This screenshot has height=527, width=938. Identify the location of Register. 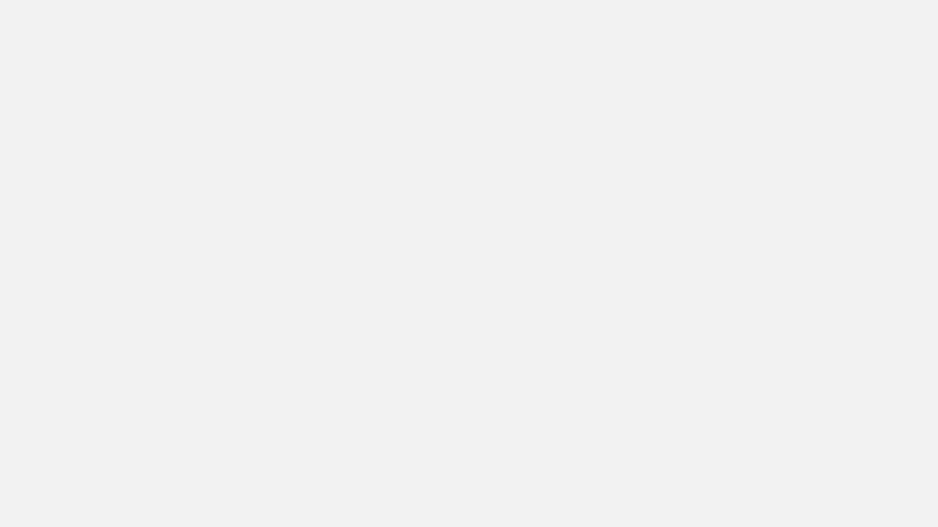
(860, 13).